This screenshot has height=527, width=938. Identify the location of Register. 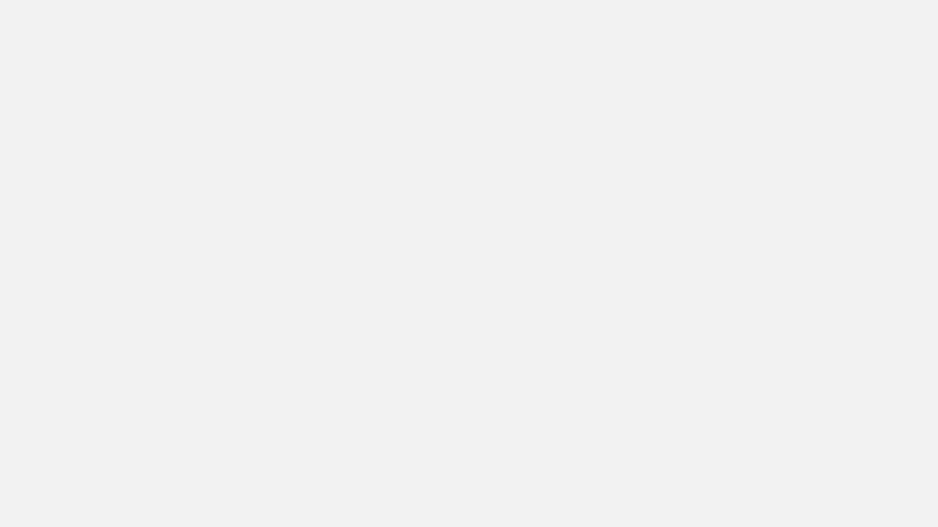
(860, 13).